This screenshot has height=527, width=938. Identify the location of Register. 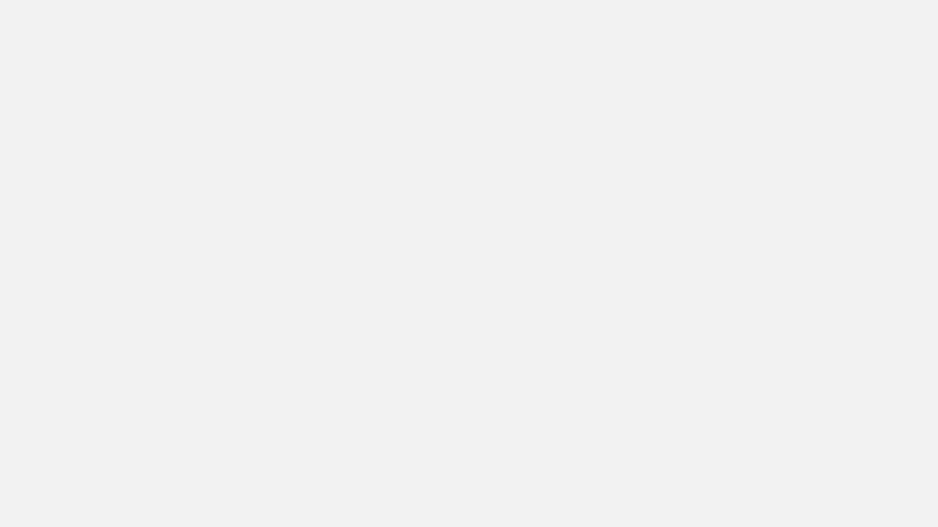
(860, 13).